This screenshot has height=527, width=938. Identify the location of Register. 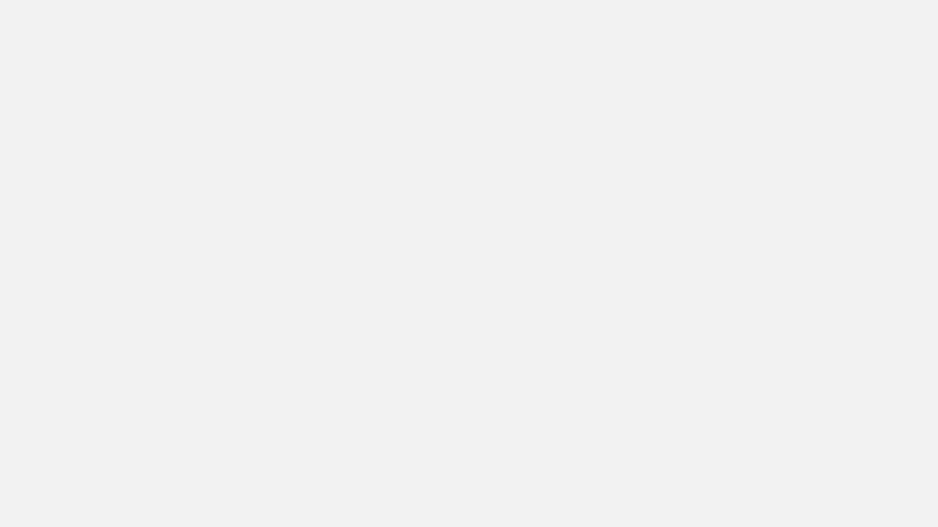
(860, 13).